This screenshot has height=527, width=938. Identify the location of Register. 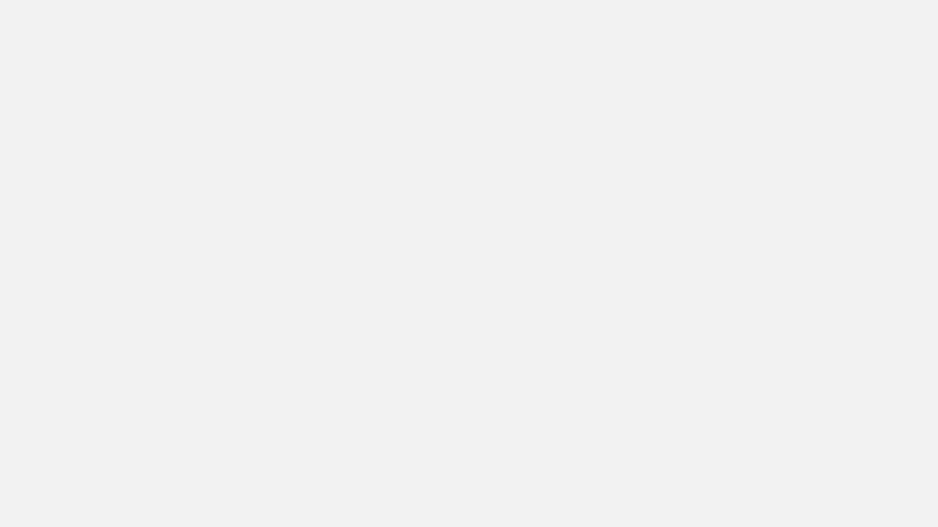
(860, 13).